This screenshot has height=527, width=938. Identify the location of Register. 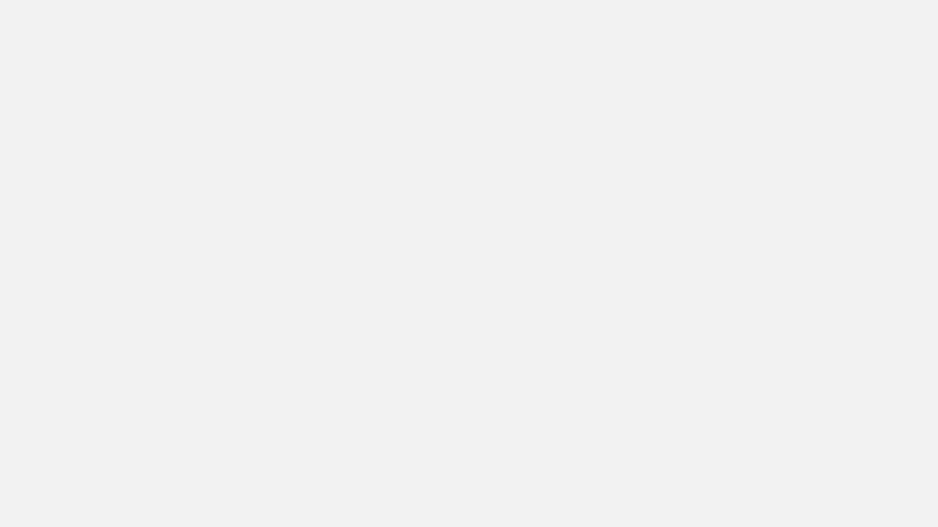
(860, 13).